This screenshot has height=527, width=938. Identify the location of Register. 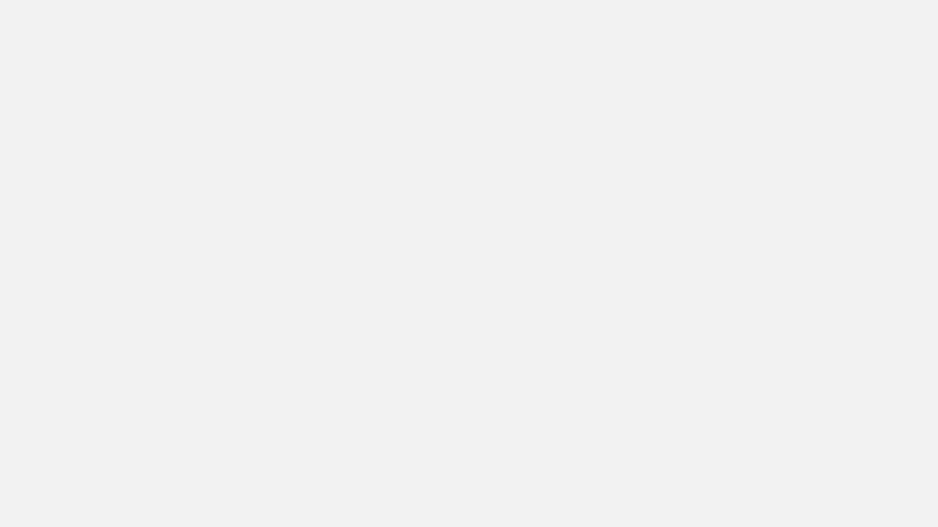
(860, 13).